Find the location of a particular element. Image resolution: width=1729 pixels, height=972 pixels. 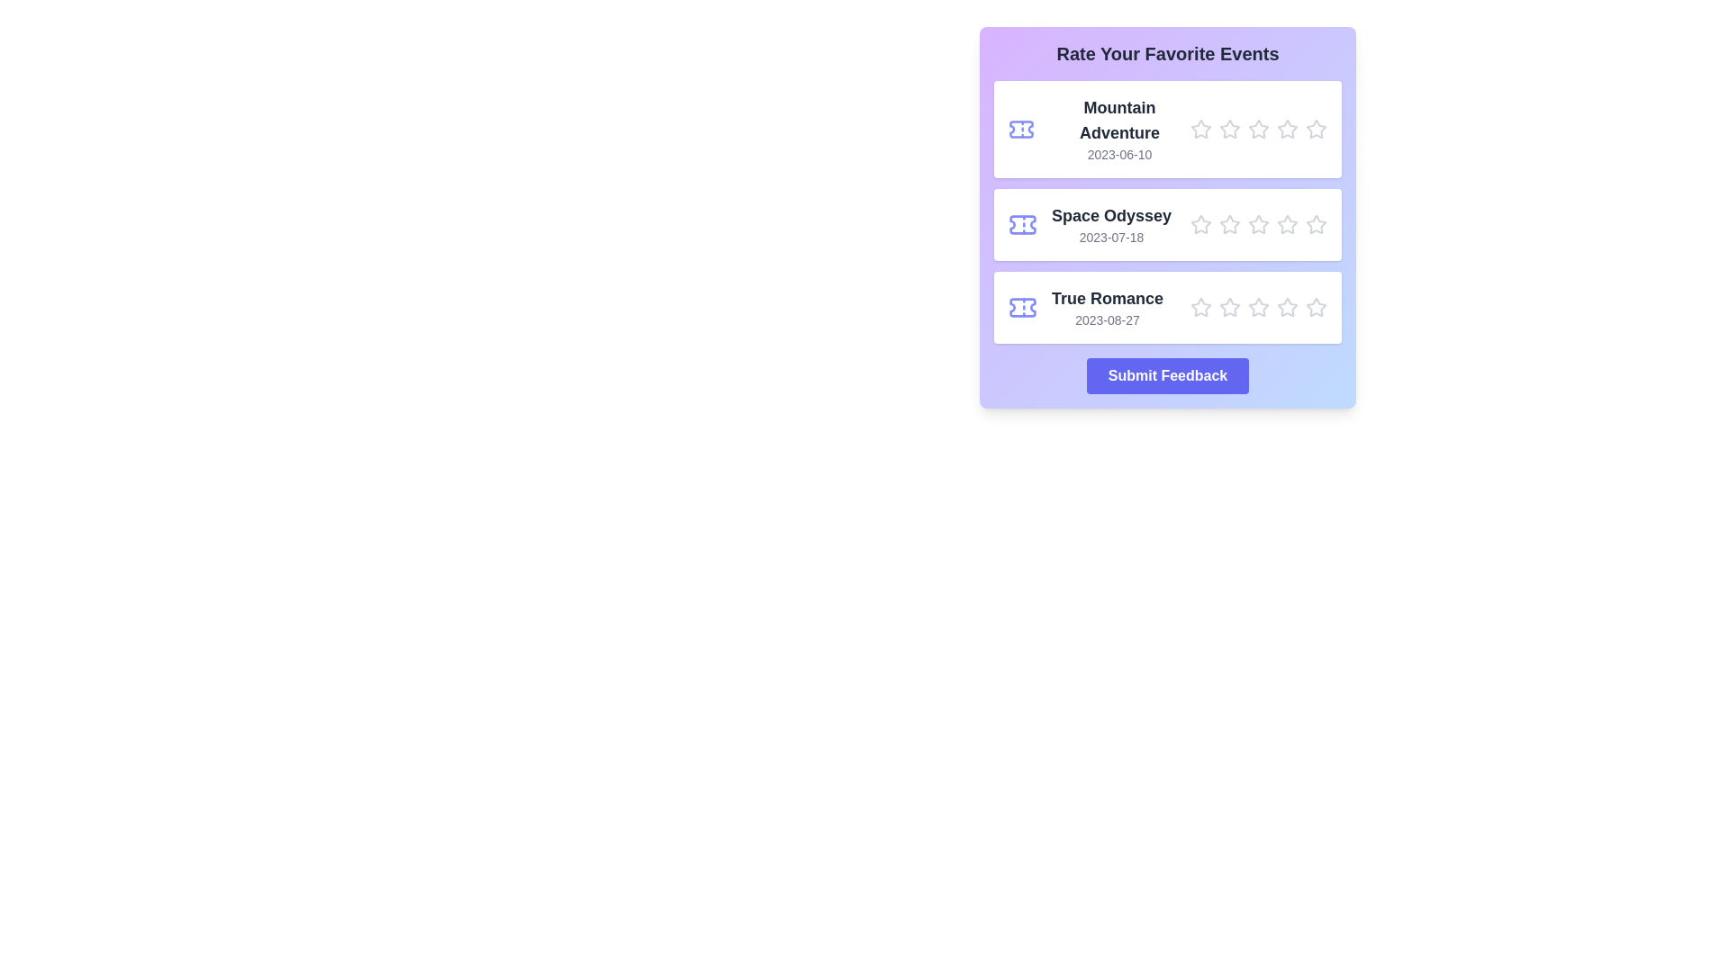

the star corresponding to the rating 4 for the movie Mountain Adventure is located at coordinates (1287, 128).